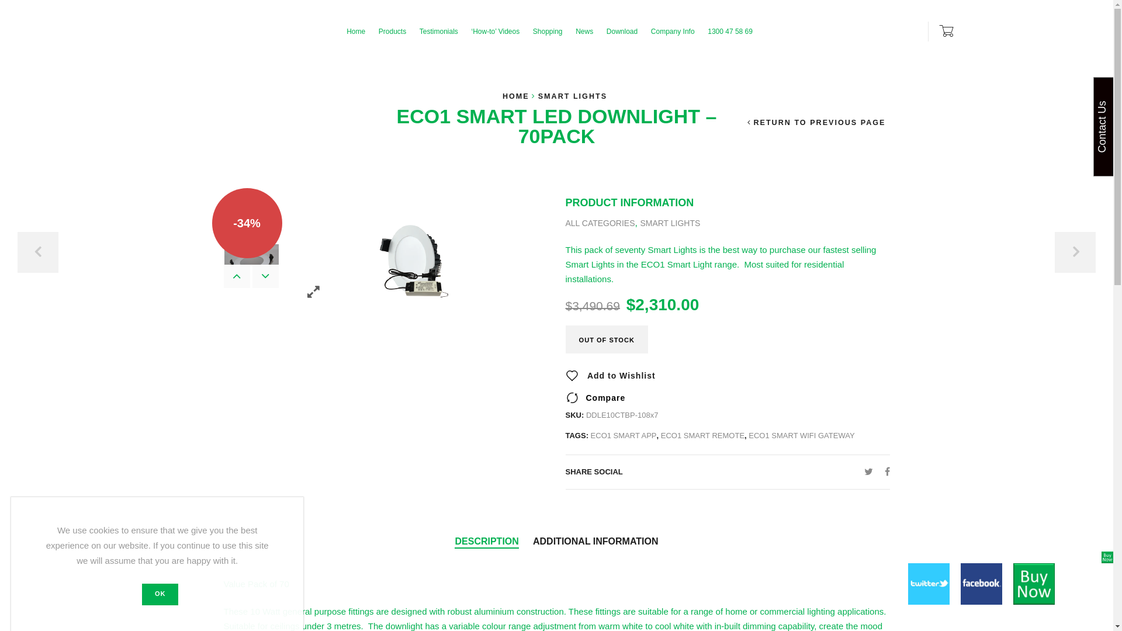 The width and height of the screenshot is (1122, 631). I want to click on '1300 47 58 69', so click(701, 31).